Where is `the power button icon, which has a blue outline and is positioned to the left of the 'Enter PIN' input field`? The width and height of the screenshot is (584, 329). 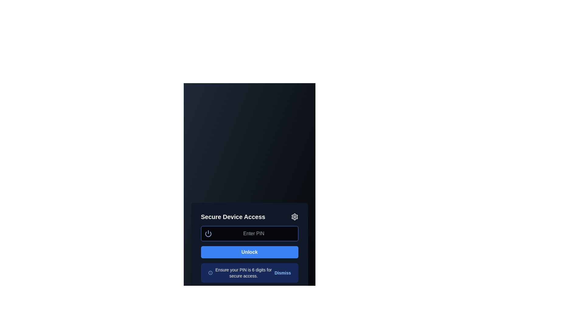 the power button icon, which has a blue outline and is positioned to the left of the 'Enter PIN' input field is located at coordinates (208, 233).